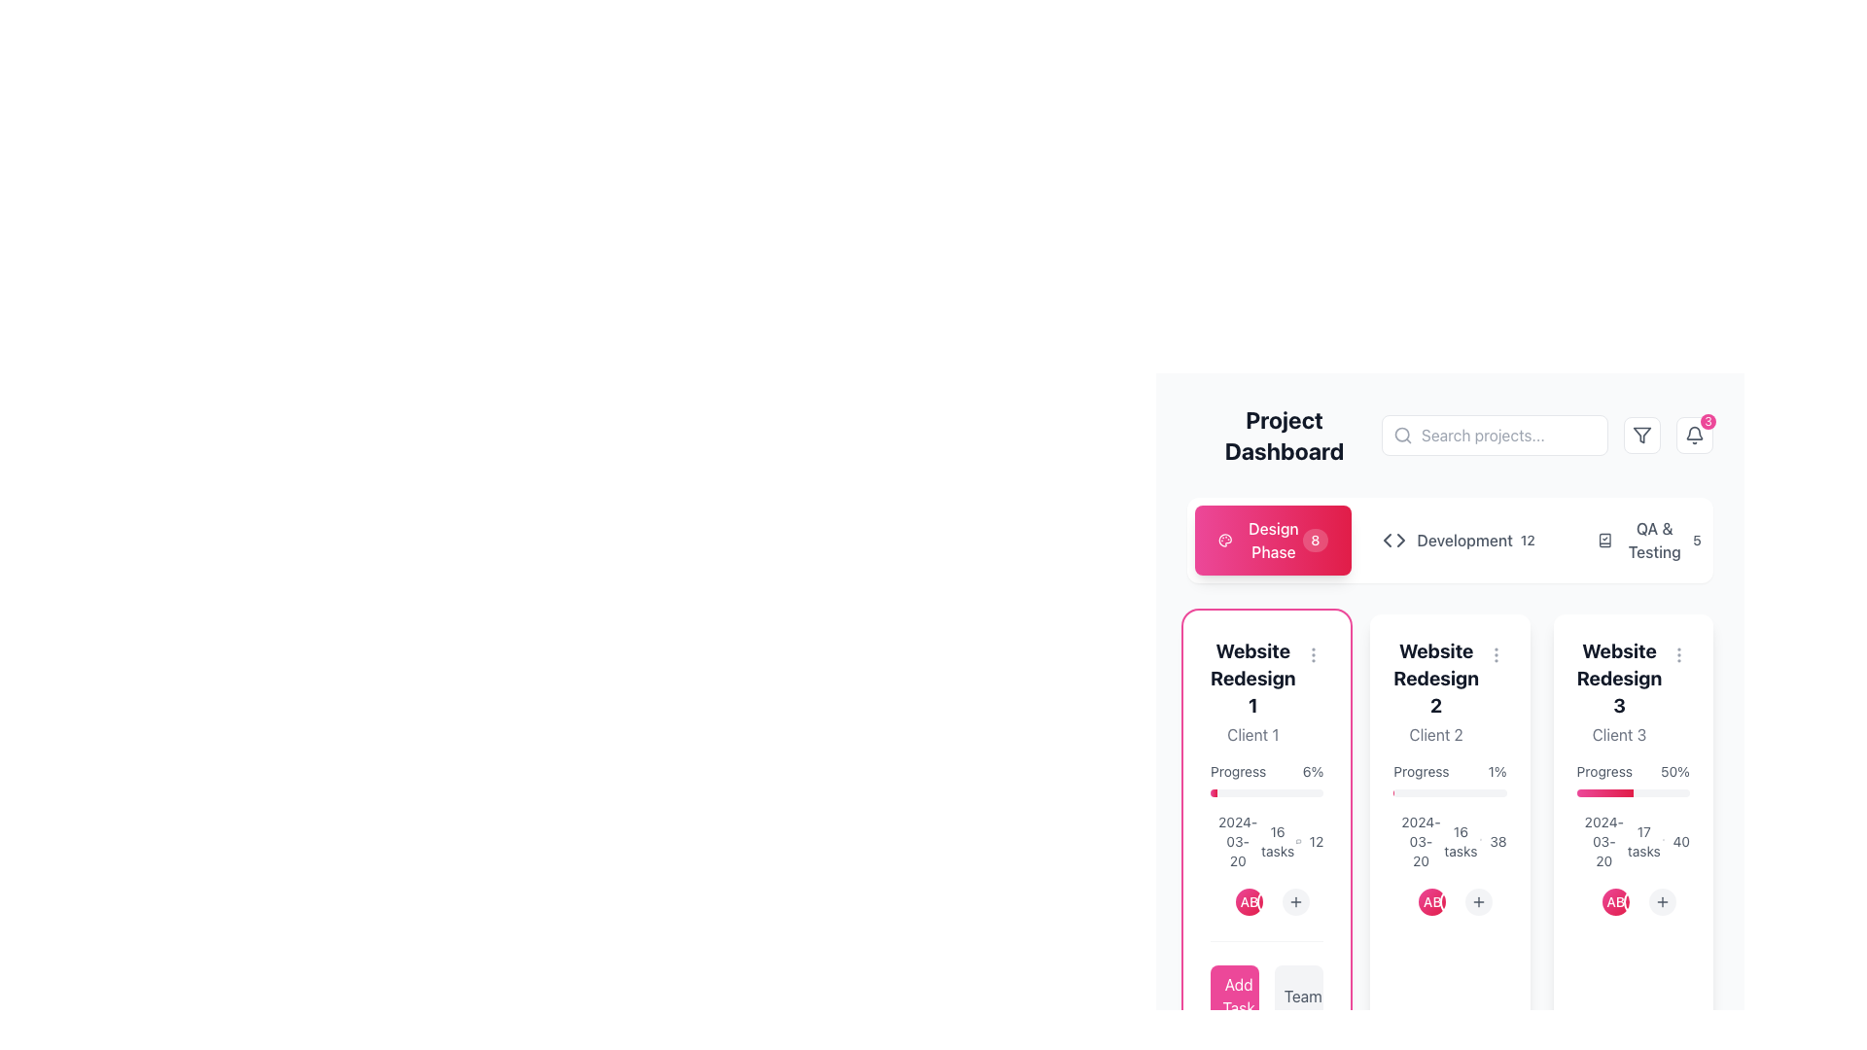  I want to click on the Informational text cluster that provides project task summary information for 'Website Redesign 2' under 'Client 2', so click(1450, 841).